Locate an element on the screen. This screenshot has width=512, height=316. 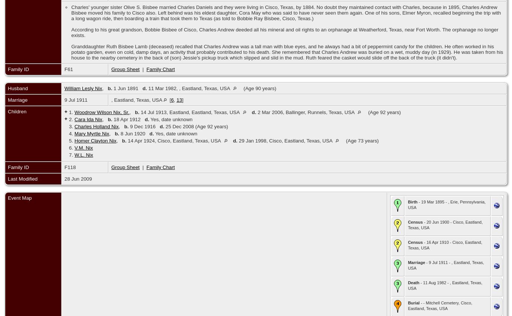
'Event Map' is located at coordinates (19, 197).